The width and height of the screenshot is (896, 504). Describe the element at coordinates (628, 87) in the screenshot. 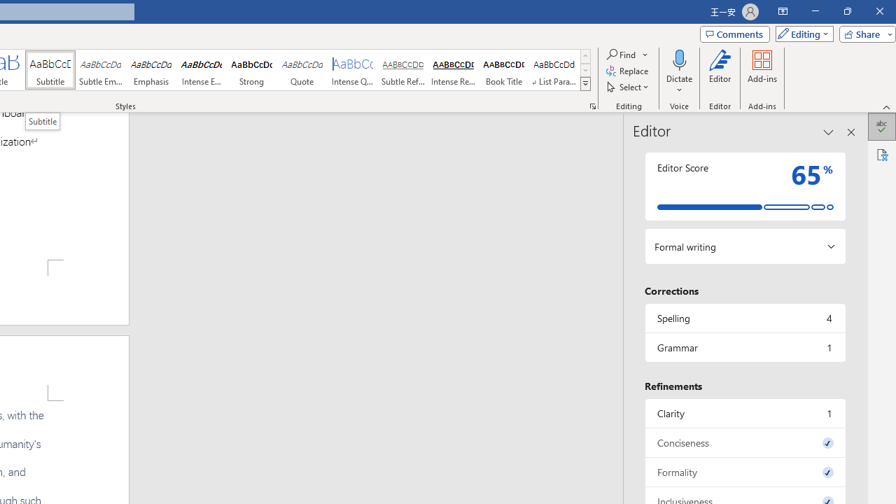

I see `'Select'` at that location.